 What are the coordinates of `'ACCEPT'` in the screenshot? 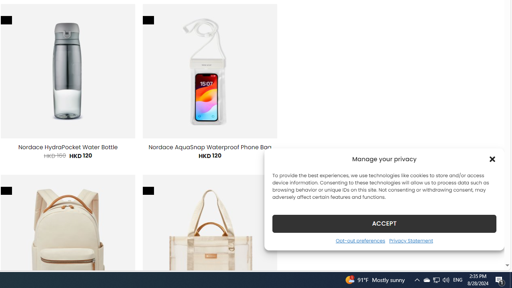 It's located at (384, 223).